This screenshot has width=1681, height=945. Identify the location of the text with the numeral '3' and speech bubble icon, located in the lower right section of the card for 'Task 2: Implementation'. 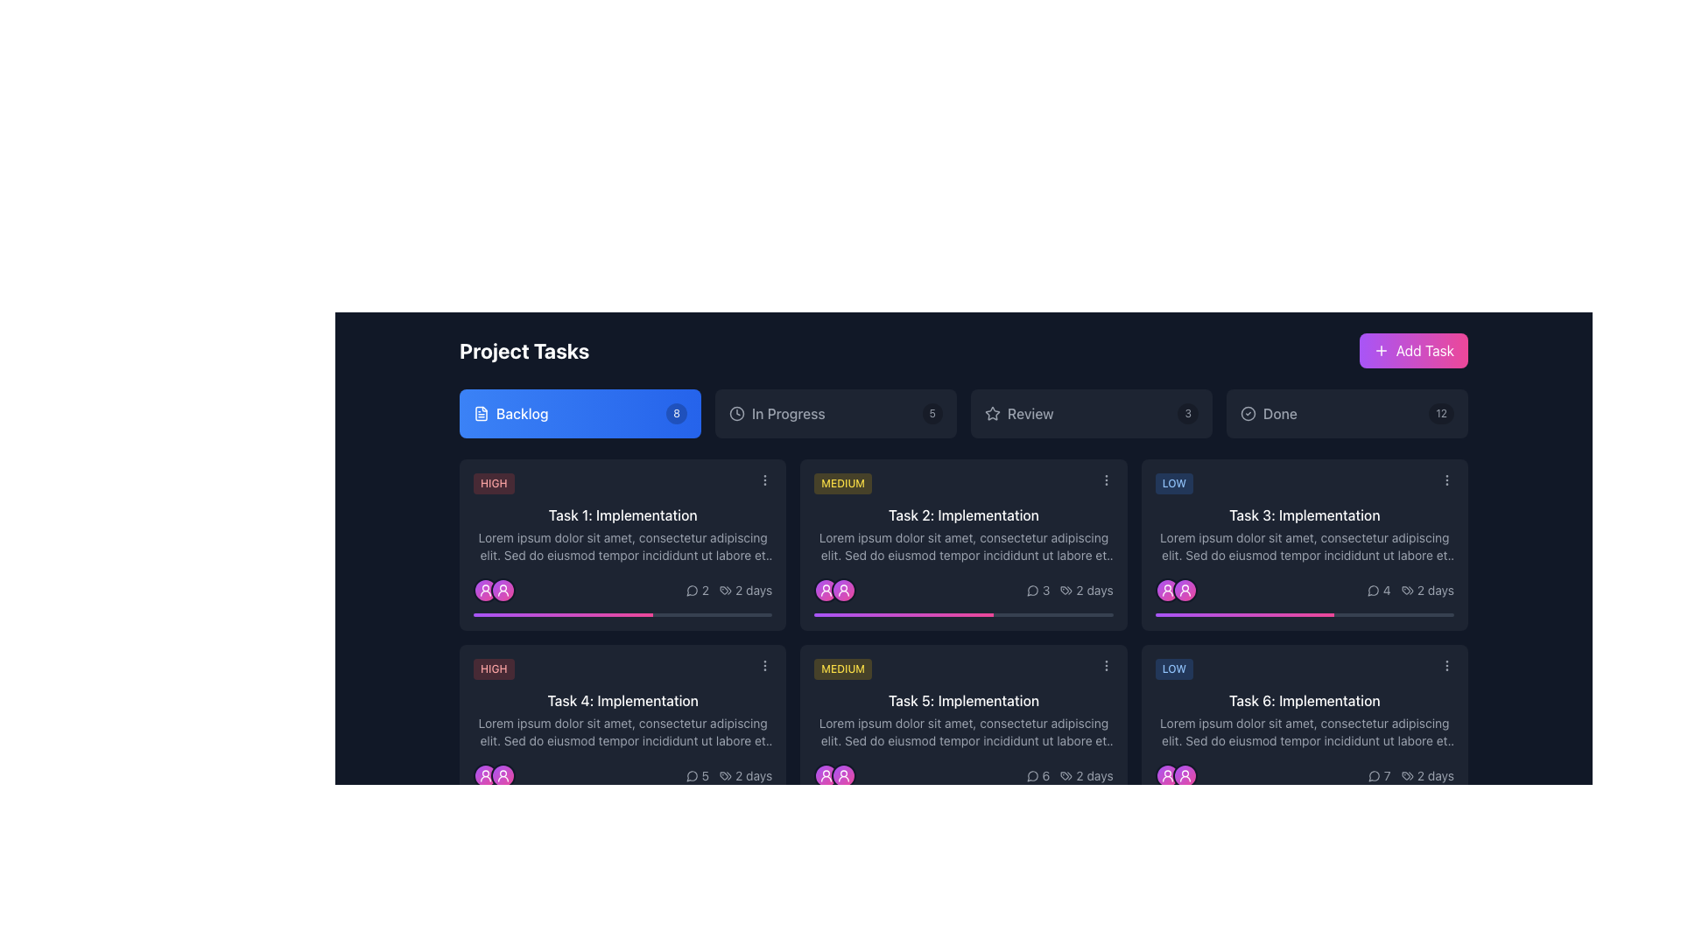
(1037, 591).